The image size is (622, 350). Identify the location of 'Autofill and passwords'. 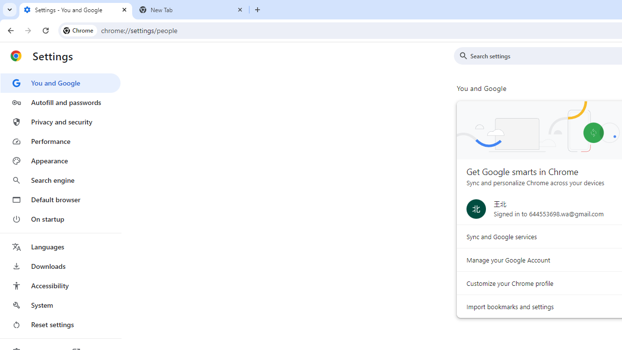
(60, 102).